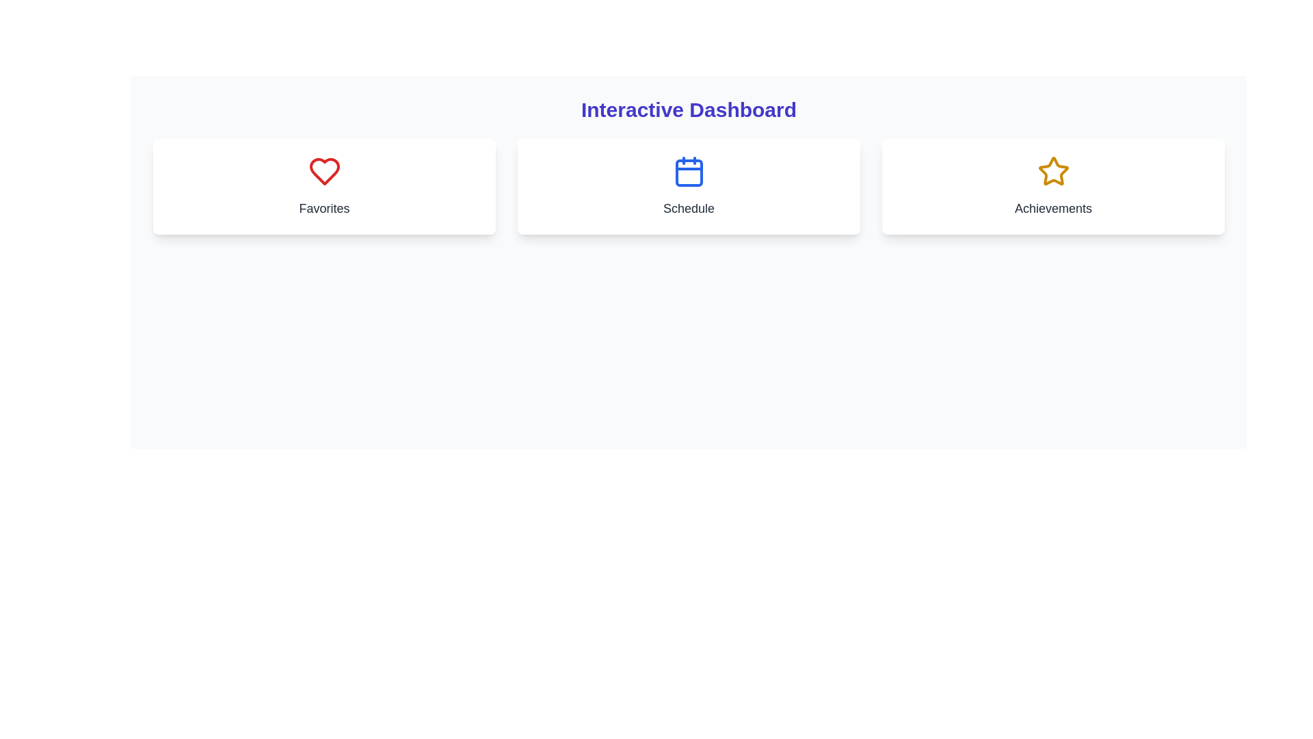 This screenshot has height=739, width=1313. What do you see at coordinates (1052, 187) in the screenshot?
I see `the 'Achievements' section represented by a decorative star icon and the label 'Achievements'` at bounding box center [1052, 187].